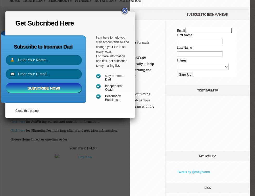  Describe the element at coordinates (15, 15) in the screenshot. I see `'Home'` at that location.